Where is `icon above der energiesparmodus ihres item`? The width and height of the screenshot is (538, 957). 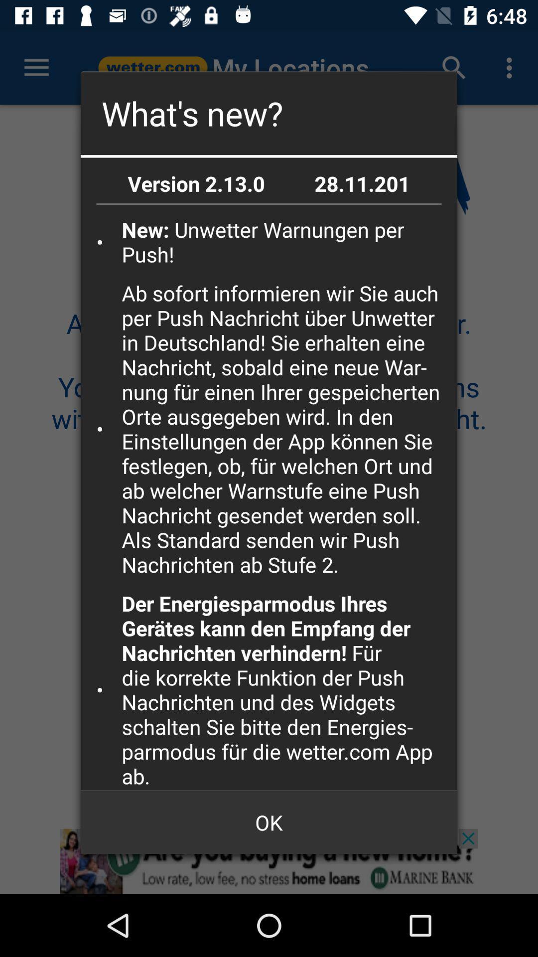 icon above der energiesparmodus ihres item is located at coordinates (286, 429).